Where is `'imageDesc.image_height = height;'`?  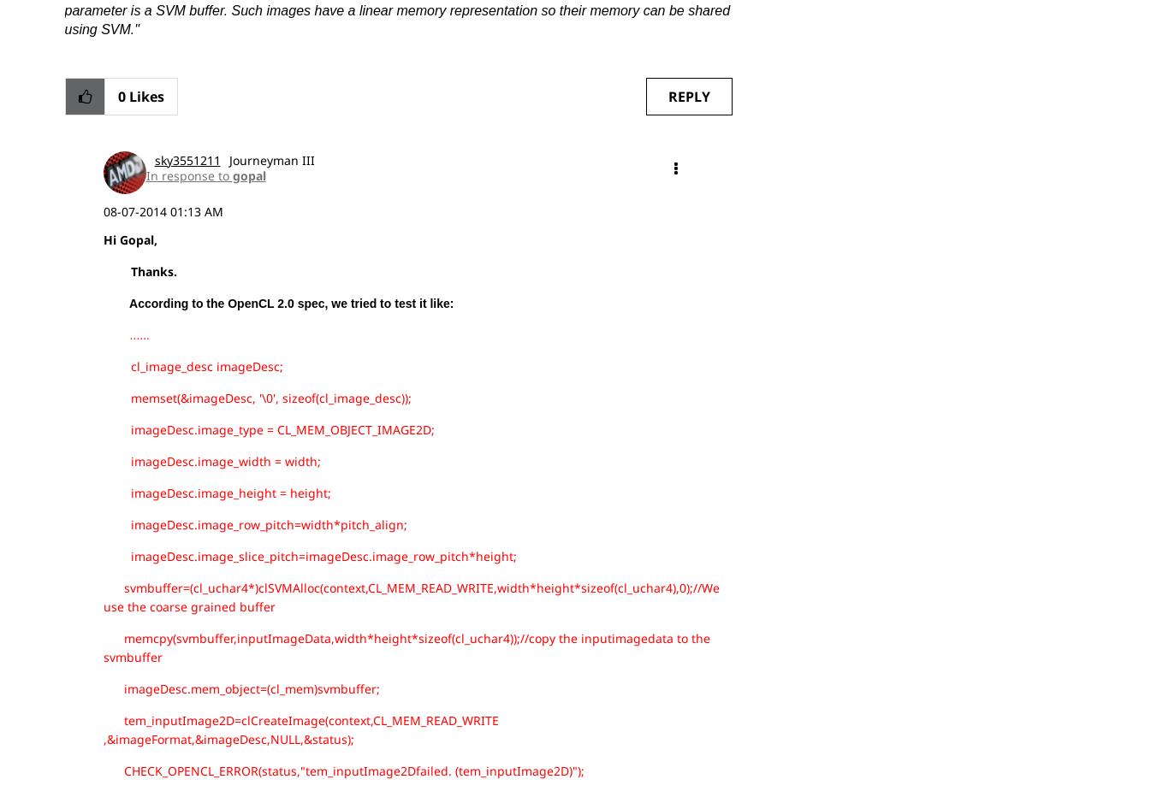 'imageDesc.image_height = height;' is located at coordinates (101, 492).